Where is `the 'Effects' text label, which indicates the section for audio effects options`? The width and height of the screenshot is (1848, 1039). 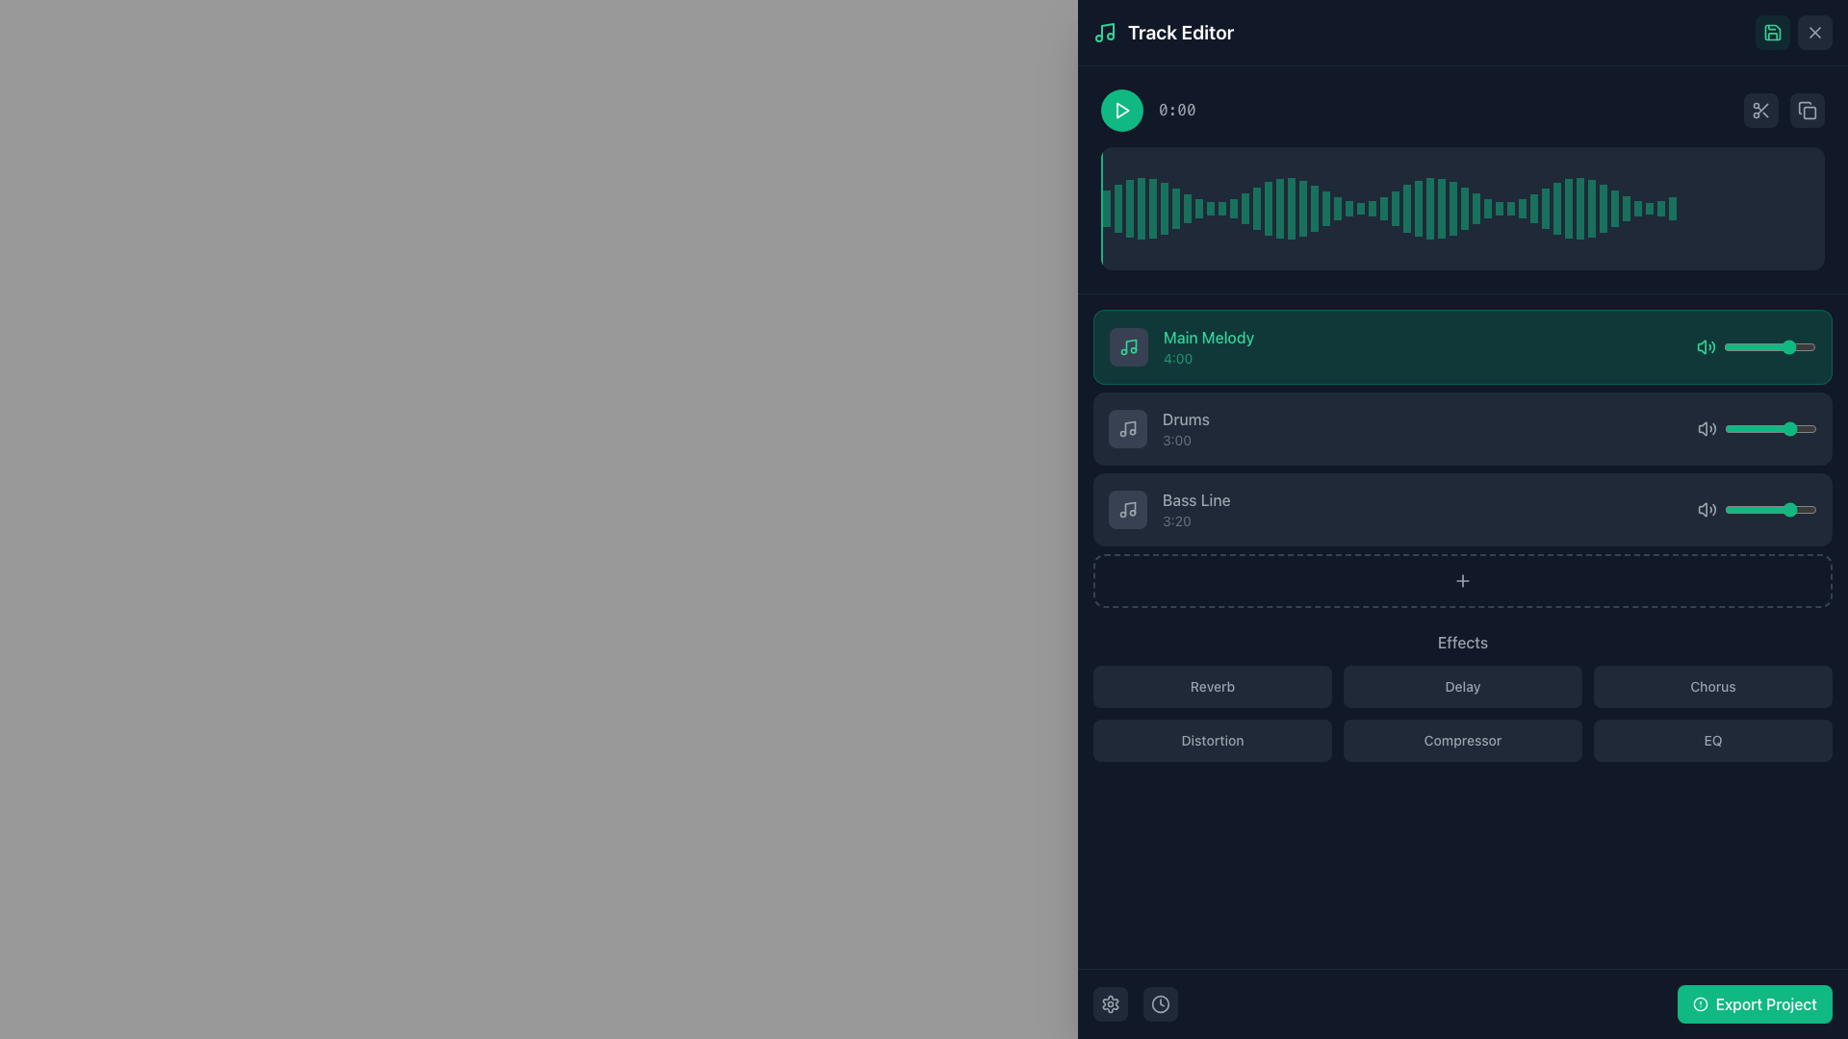
the 'Effects' text label, which indicates the section for audio effects options is located at coordinates (1463, 642).